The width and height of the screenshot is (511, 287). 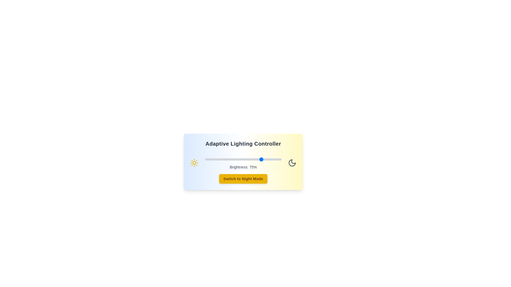 What do you see at coordinates (216, 159) in the screenshot?
I see `the brightness level` at bounding box center [216, 159].